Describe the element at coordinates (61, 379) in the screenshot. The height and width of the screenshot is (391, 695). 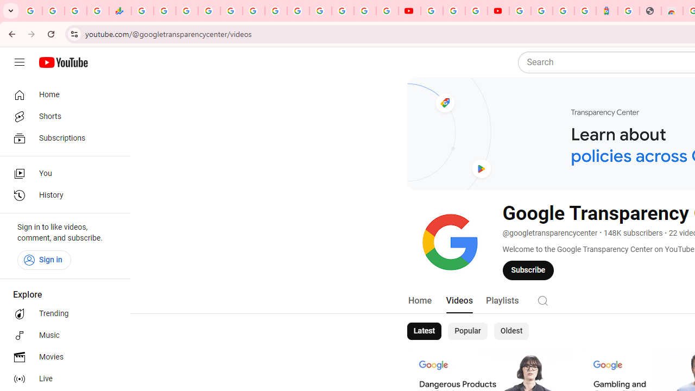
I see `'Live'` at that location.